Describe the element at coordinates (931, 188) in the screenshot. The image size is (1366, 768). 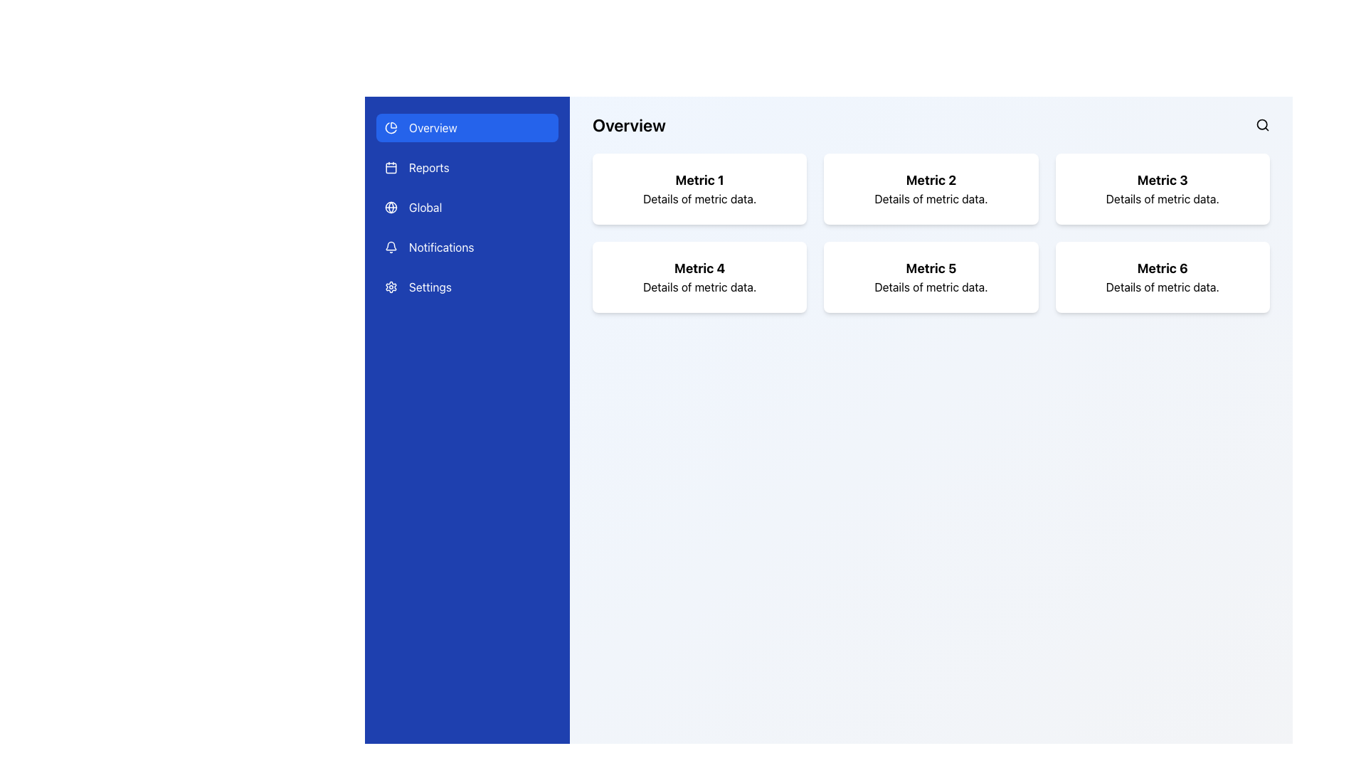
I see `the informational card titled 'Metric 2'` at that location.